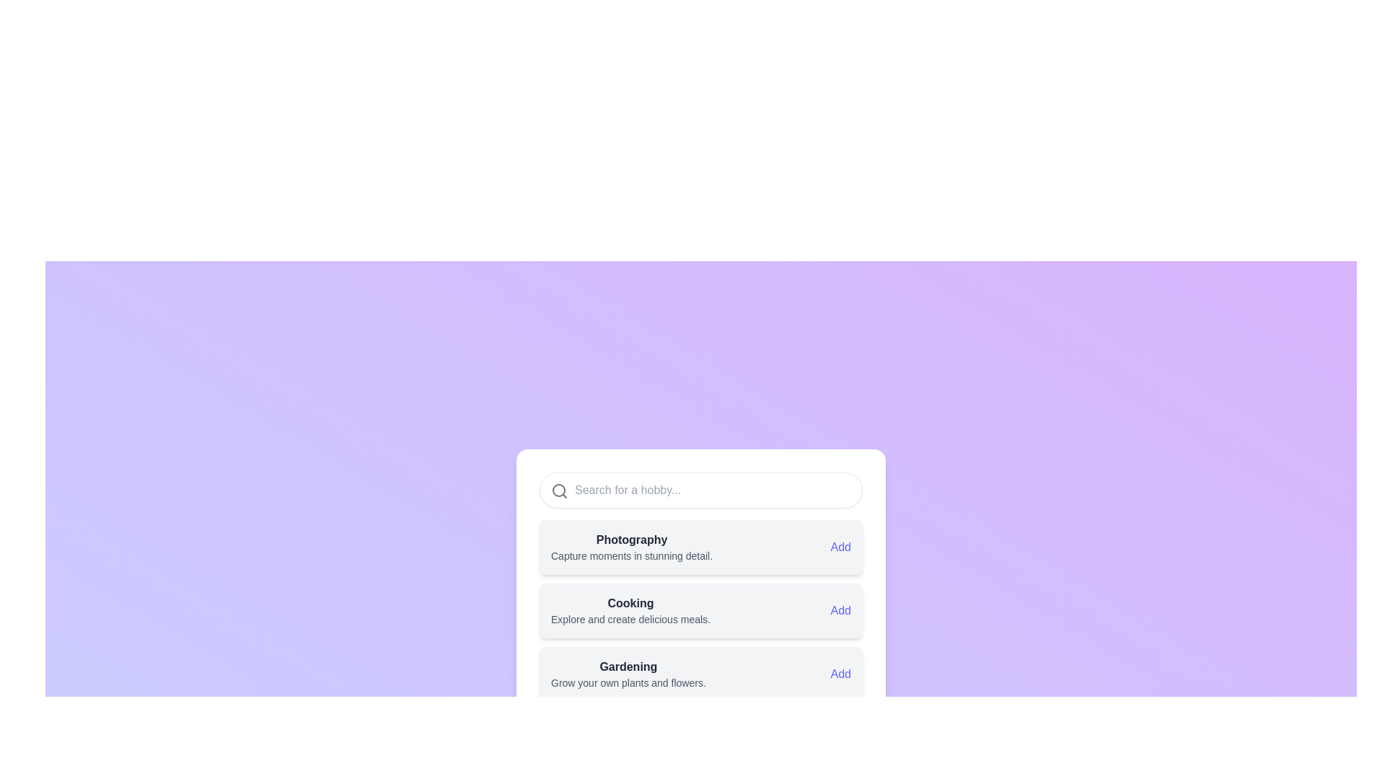  I want to click on the static text label indicating the category 'Photography' located in the first card of the vertical list, which serves as a title for the section, so click(632, 540).